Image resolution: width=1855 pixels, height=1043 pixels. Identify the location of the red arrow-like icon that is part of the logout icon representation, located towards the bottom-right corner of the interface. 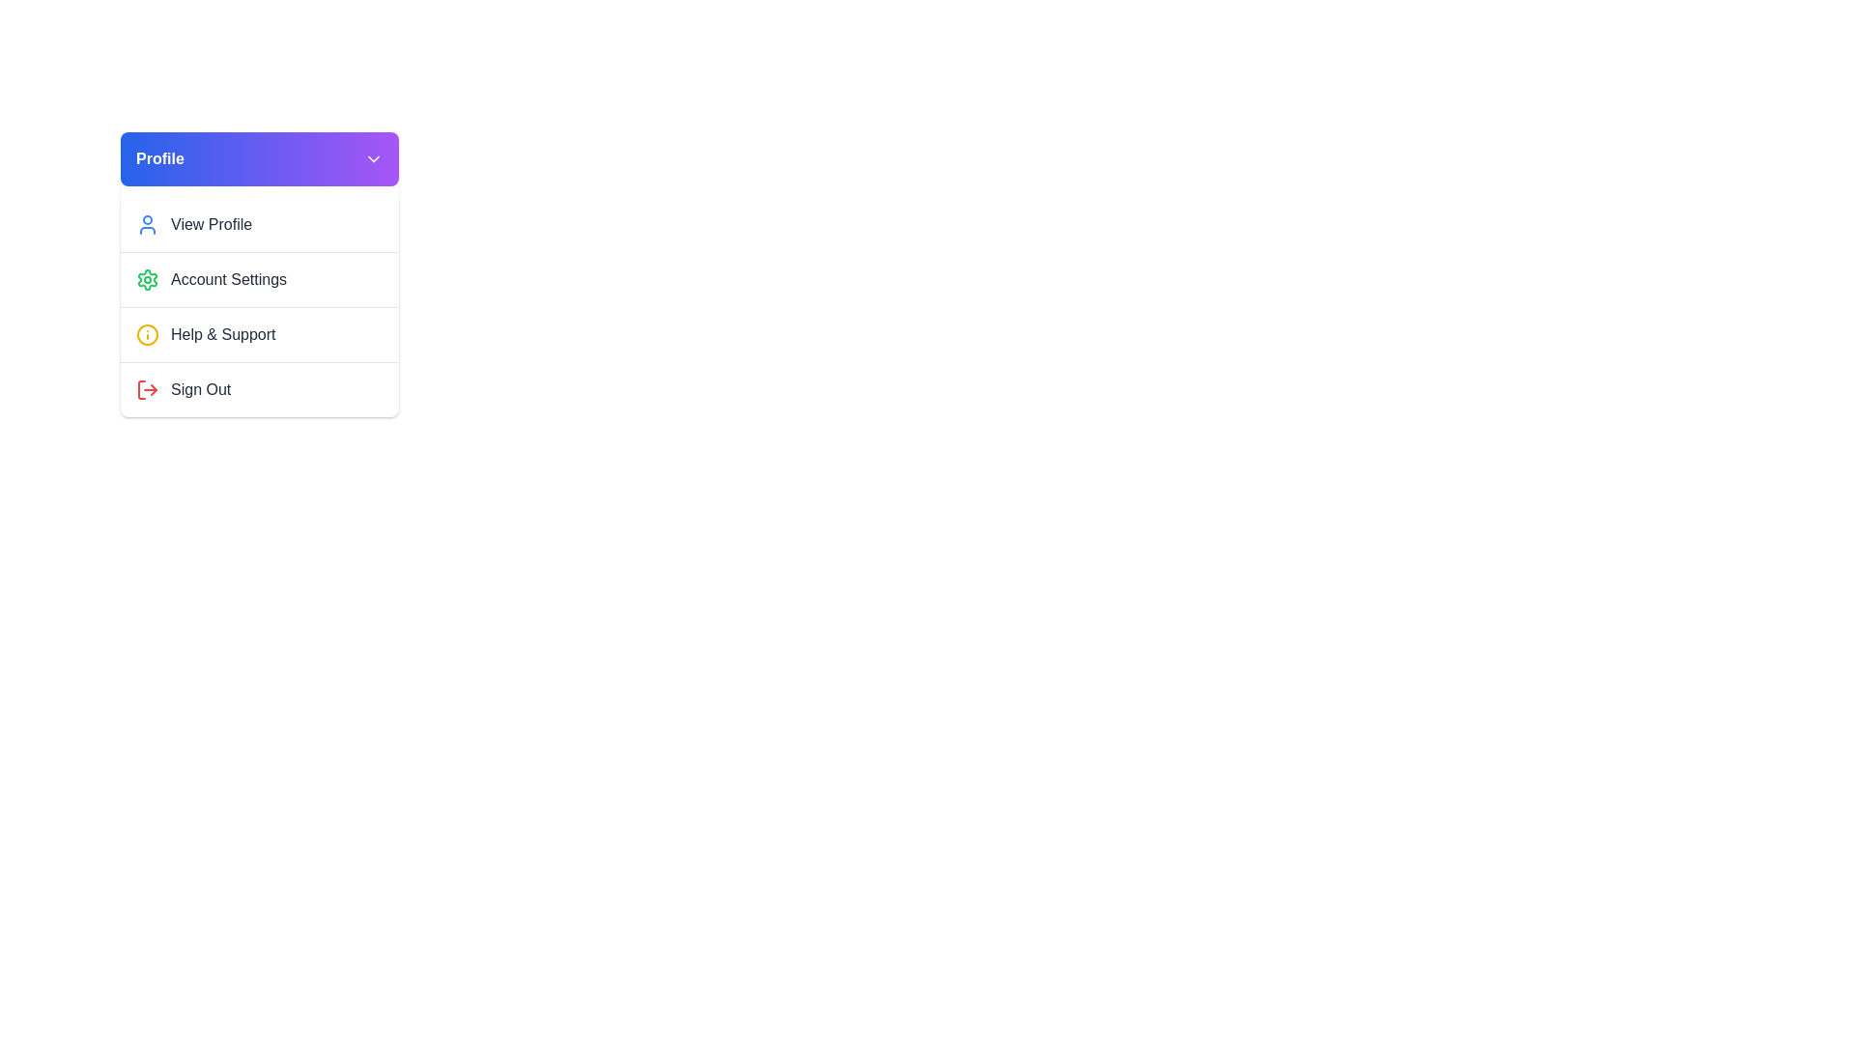
(153, 390).